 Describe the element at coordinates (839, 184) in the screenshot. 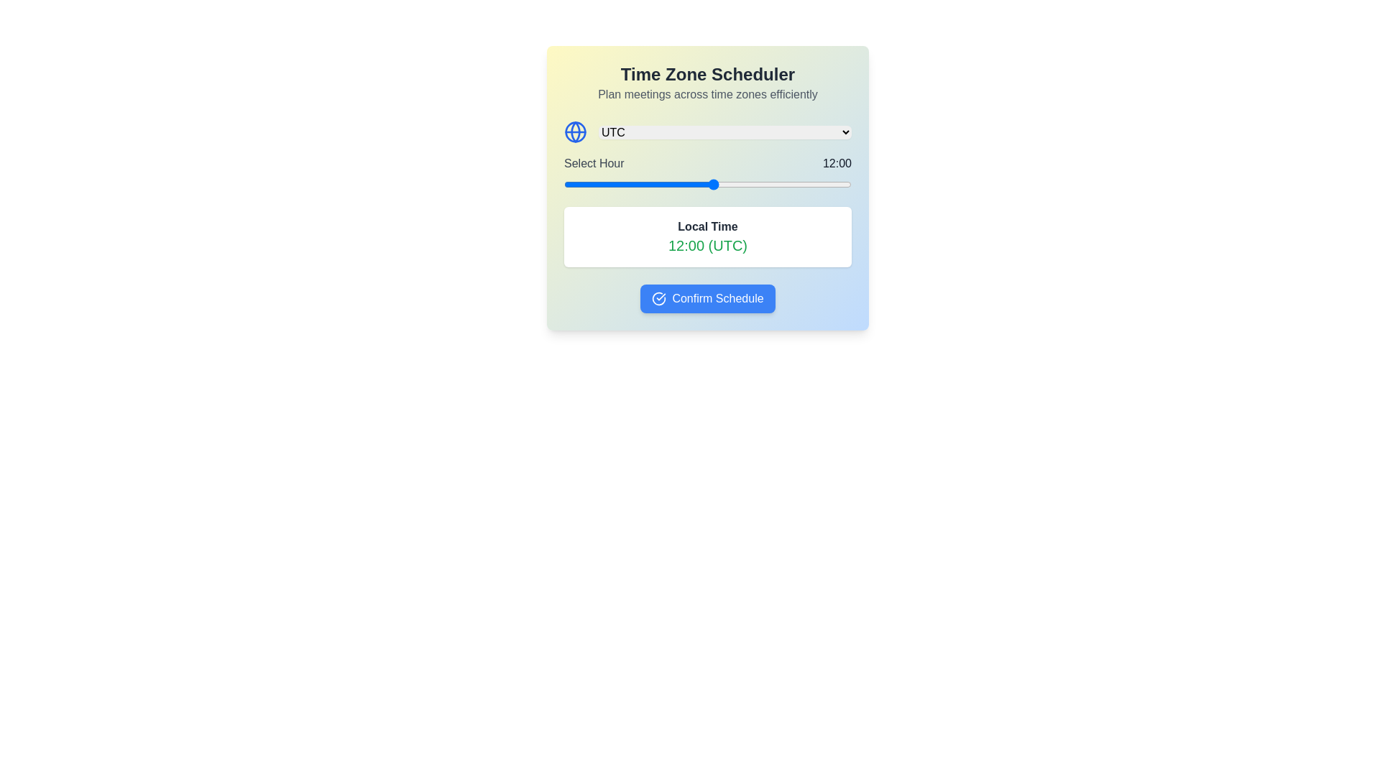

I see `the hour` at that location.